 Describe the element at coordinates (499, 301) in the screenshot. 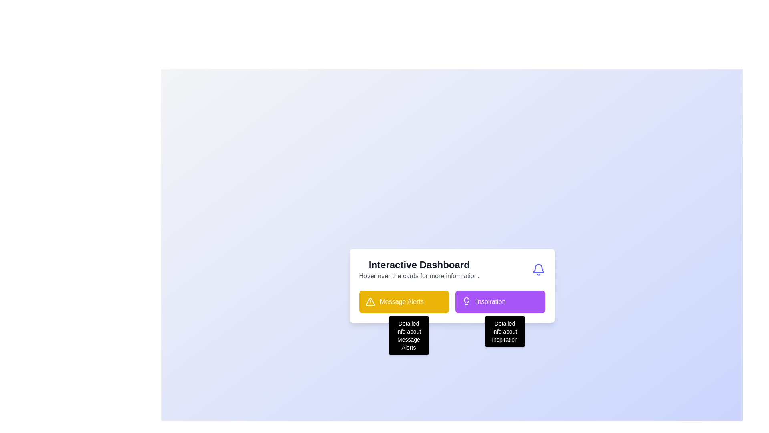

I see `the 'Inspiration' button located in the second column of the grid layout, positioned to the right of the 'Message Alerts' card` at that location.